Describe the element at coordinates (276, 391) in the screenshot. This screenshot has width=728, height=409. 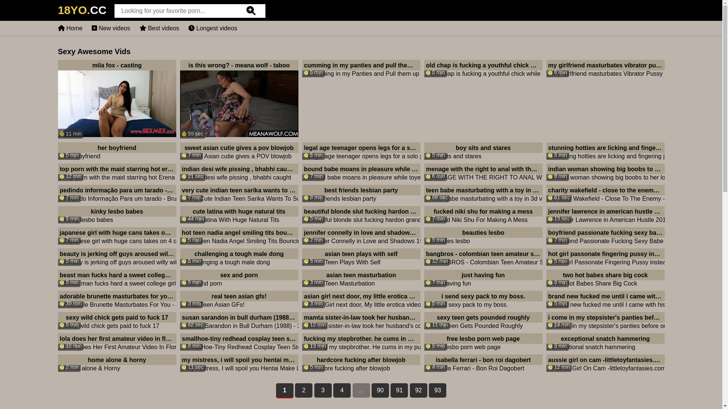
I see `'1'` at that location.